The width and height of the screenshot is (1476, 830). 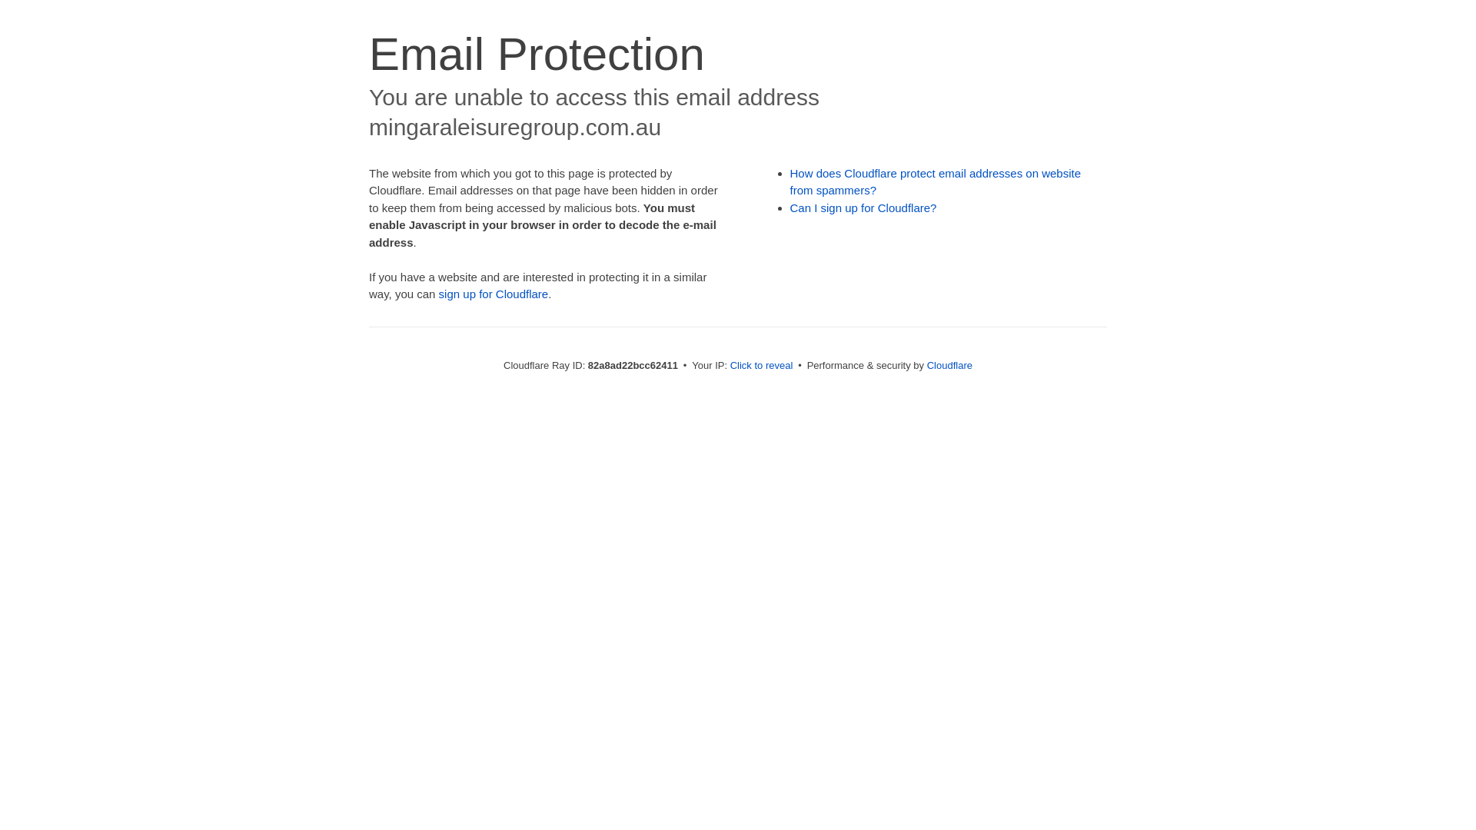 I want to click on 'Click to reveal', so click(x=761, y=365).